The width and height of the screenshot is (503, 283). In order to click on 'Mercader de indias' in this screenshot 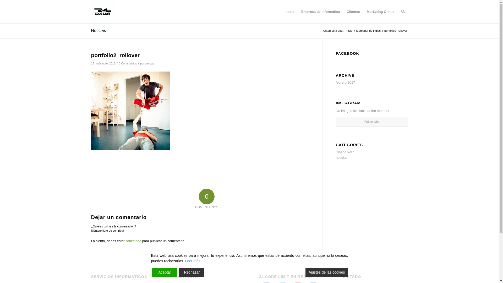, I will do `click(368, 31)`.